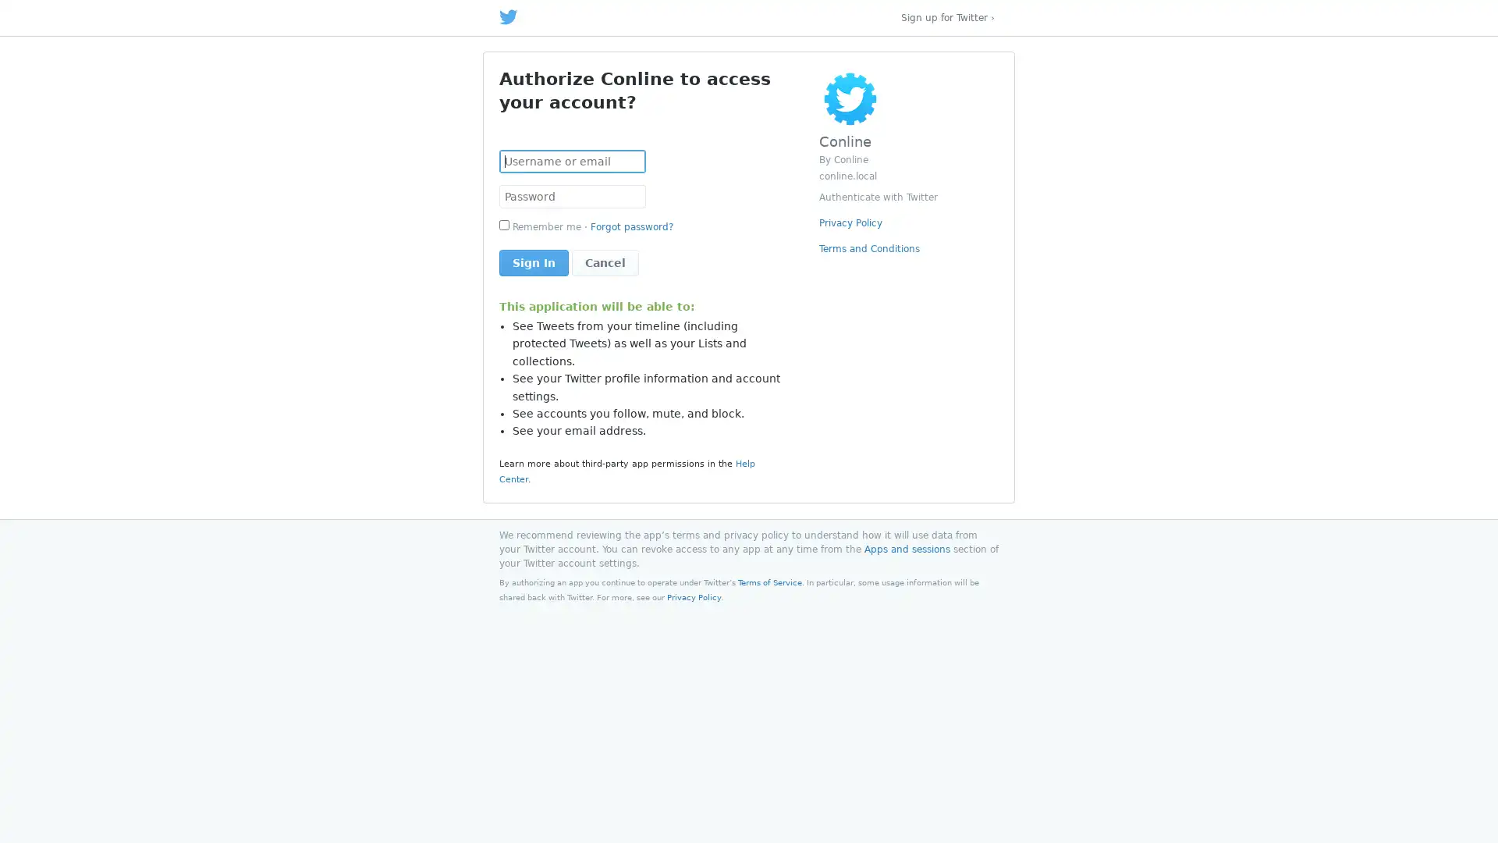 This screenshot has height=843, width=1498. Describe the element at coordinates (534, 261) in the screenshot. I see `Sign In` at that location.